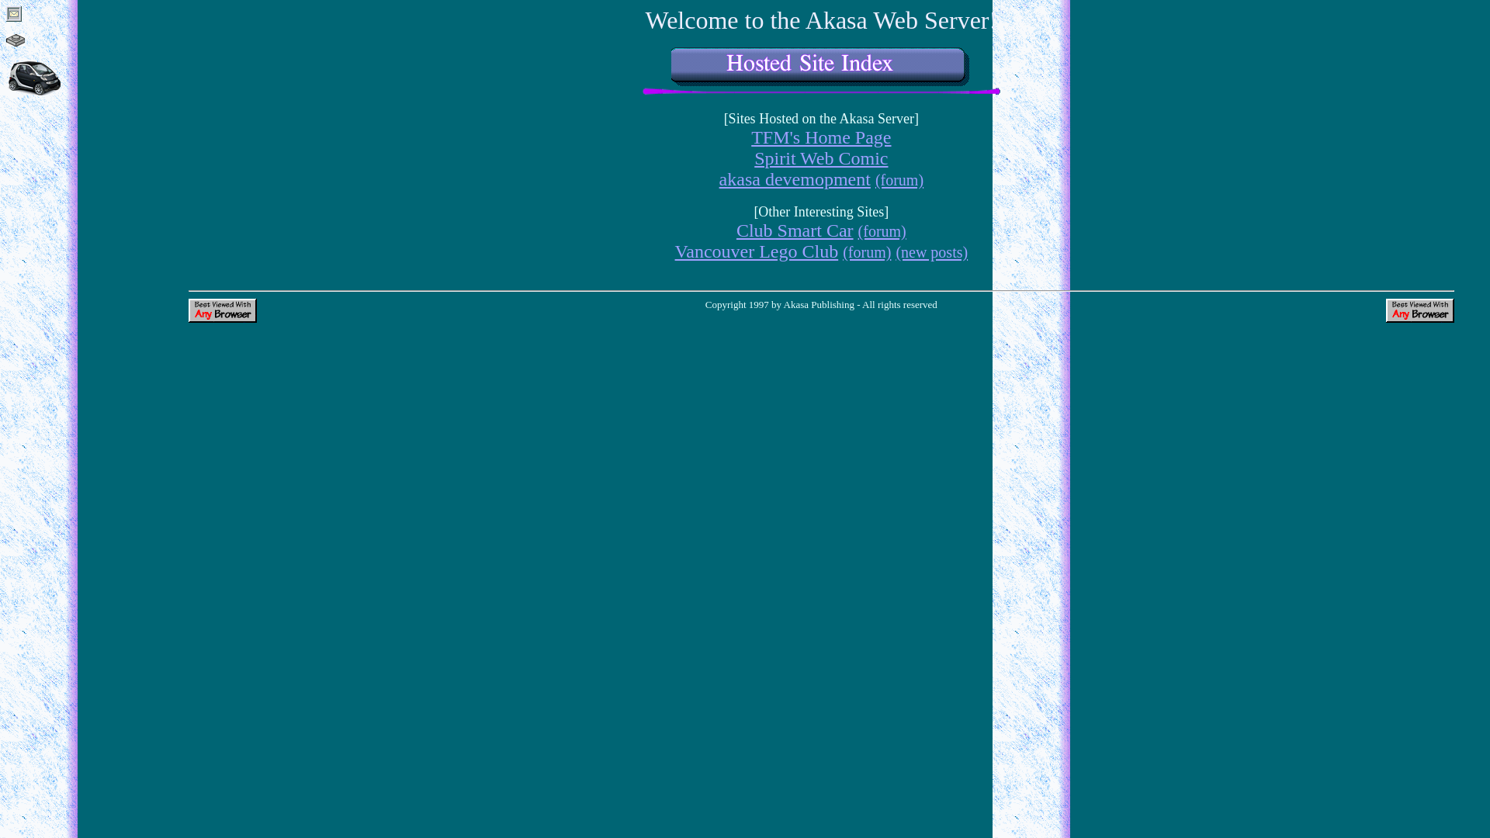  What do you see at coordinates (819, 137) in the screenshot?
I see `'TFM's Home Page'` at bounding box center [819, 137].